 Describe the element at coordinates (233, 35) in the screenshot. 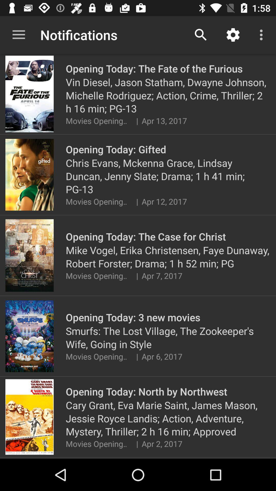

I see `item above opening today the` at that location.